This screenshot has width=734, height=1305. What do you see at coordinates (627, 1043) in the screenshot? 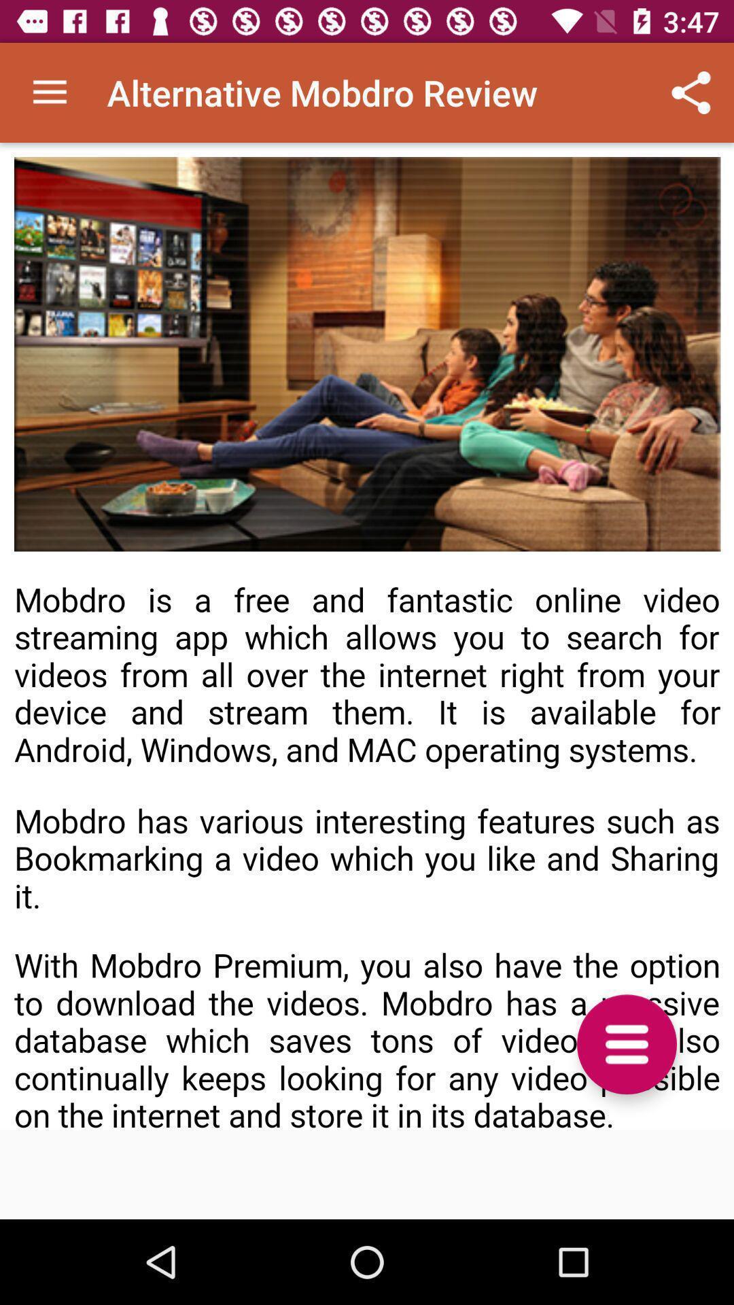
I see `menu` at bounding box center [627, 1043].